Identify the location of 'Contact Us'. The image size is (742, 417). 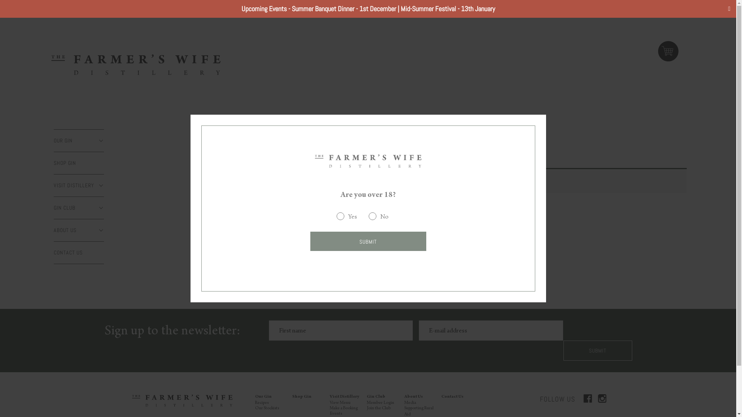
(452, 397).